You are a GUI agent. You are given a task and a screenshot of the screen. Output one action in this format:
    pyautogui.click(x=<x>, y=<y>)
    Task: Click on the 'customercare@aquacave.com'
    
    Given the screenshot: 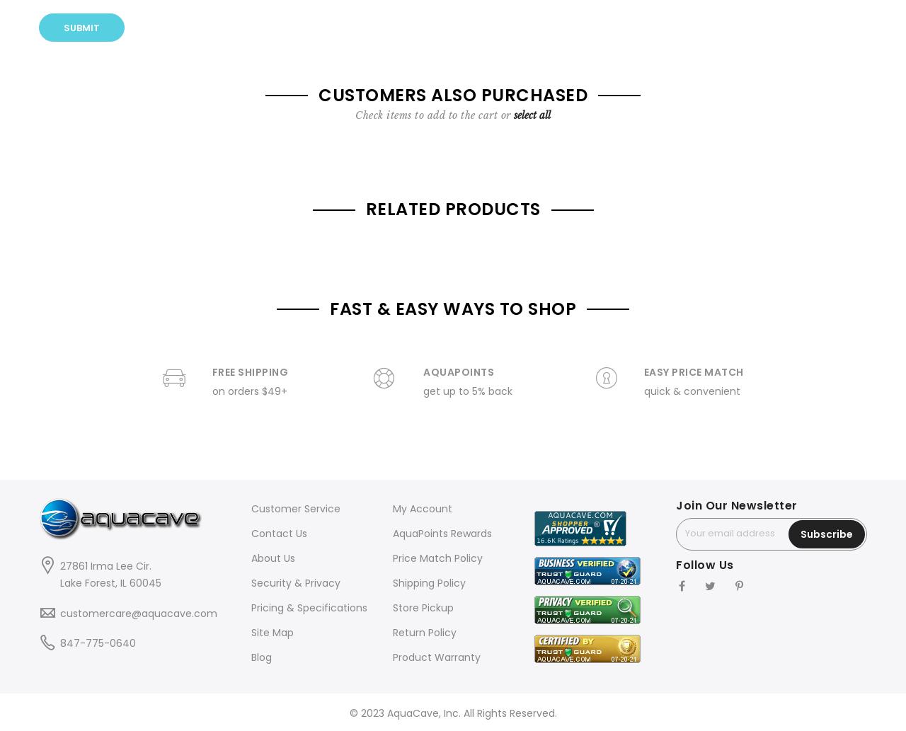 What is the action you would take?
    pyautogui.click(x=138, y=611)
    